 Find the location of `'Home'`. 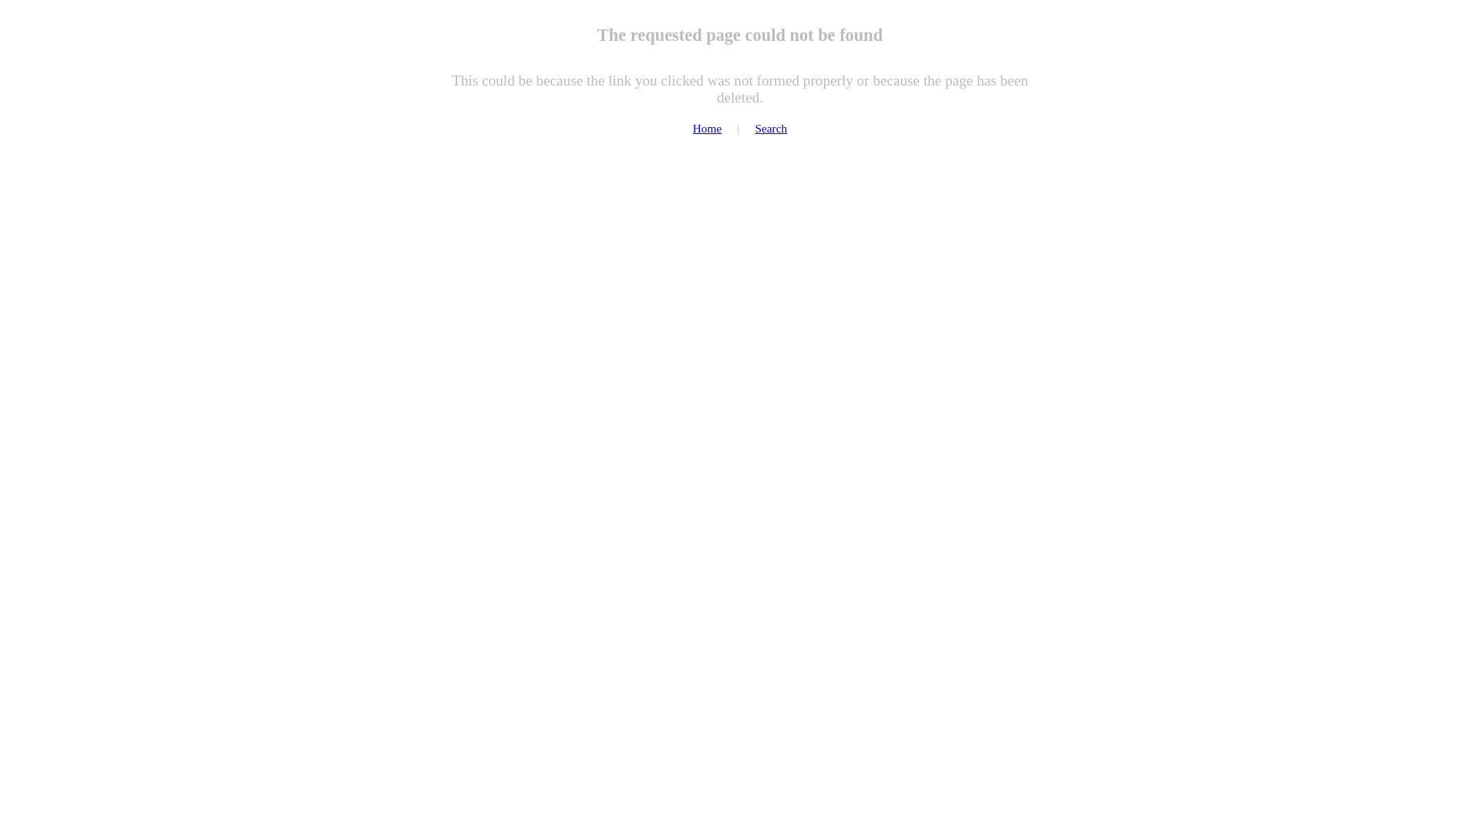

'Home' is located at coordinates (706, 127).